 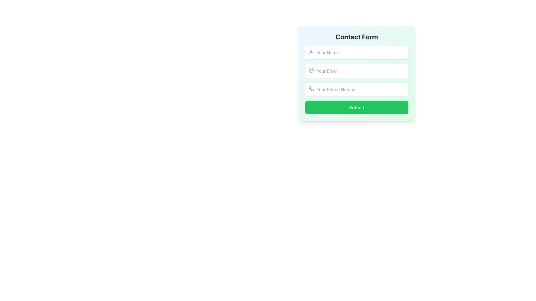 What do you see at coordinates (311, 70) in the screenshot?
I see `the SVG icon representing email` at bounding box center [311, 70].